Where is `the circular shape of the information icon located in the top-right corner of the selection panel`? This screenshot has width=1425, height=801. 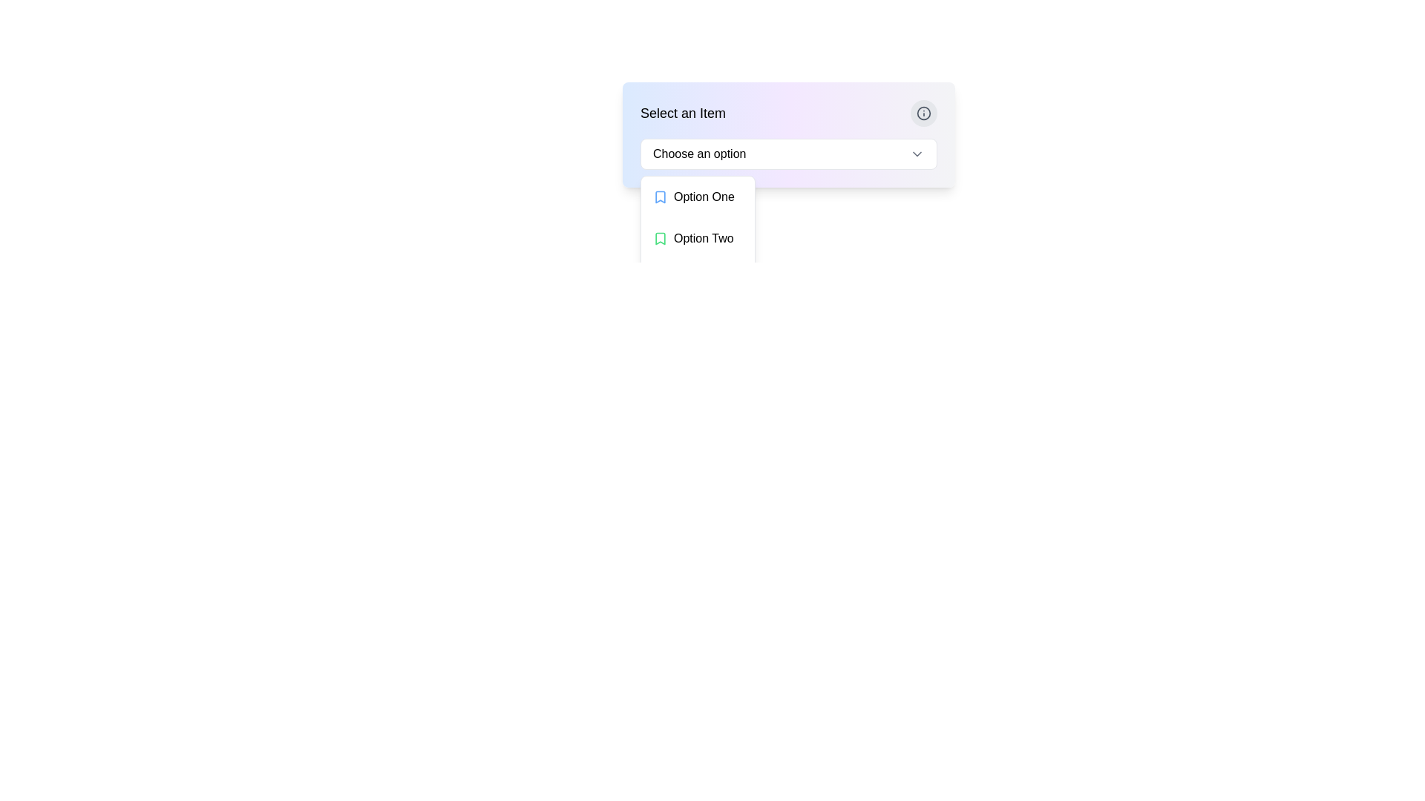 the circular shape of the information icon located in the top-right corner of the selection panel is located at coordinates (923, 113).